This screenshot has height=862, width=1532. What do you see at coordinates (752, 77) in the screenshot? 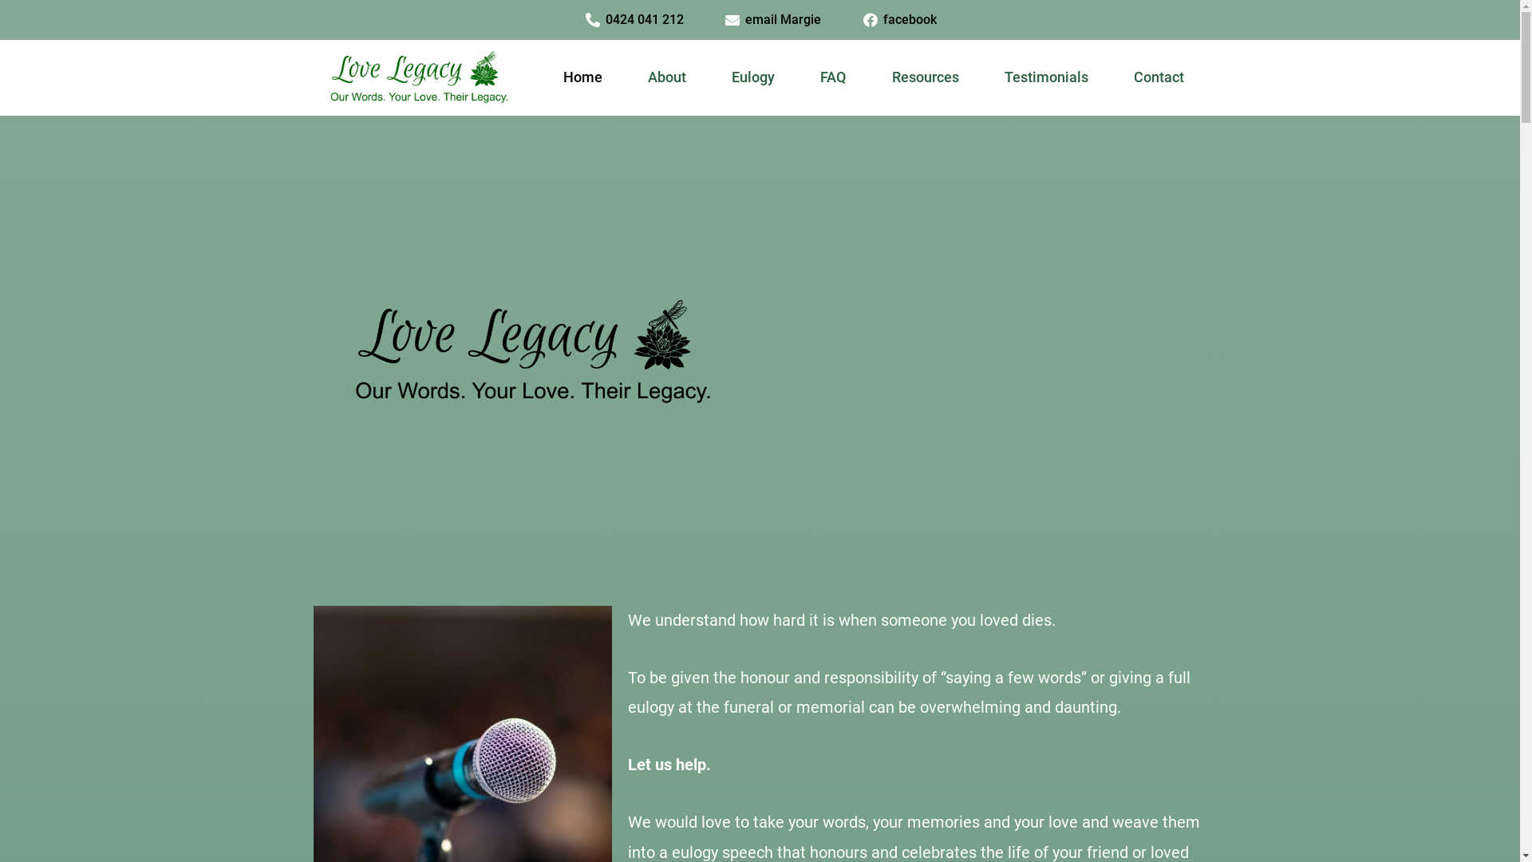
I see `'Eulogy'` at bounding box center [752, 77].